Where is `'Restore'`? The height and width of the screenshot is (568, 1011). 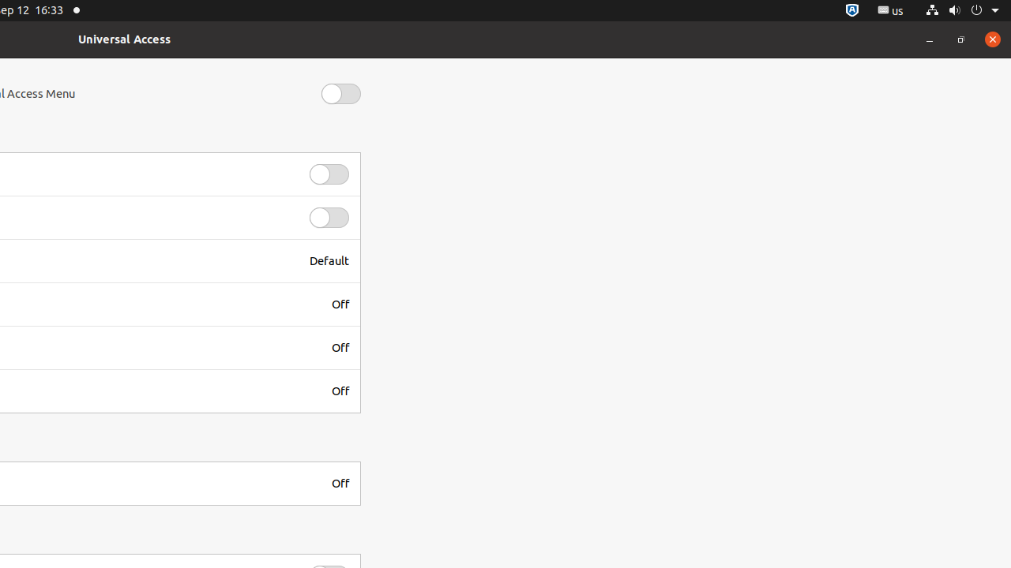
'Restore' is located at coordinates (960, 38).